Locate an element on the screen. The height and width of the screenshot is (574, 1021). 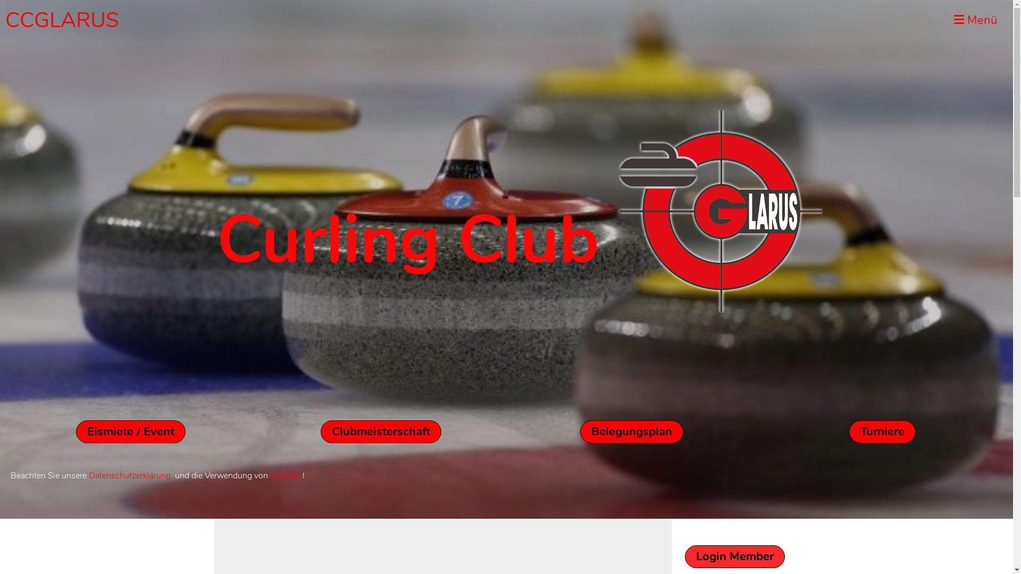
'Cookies' is located at coordinates (285, 475).